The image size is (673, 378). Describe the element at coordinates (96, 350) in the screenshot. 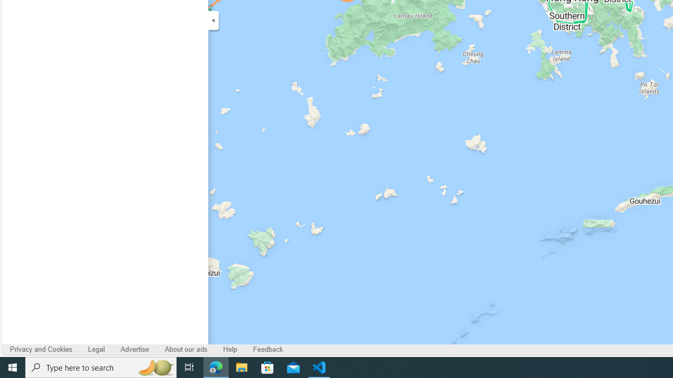

I see `'Legal'` at that location.